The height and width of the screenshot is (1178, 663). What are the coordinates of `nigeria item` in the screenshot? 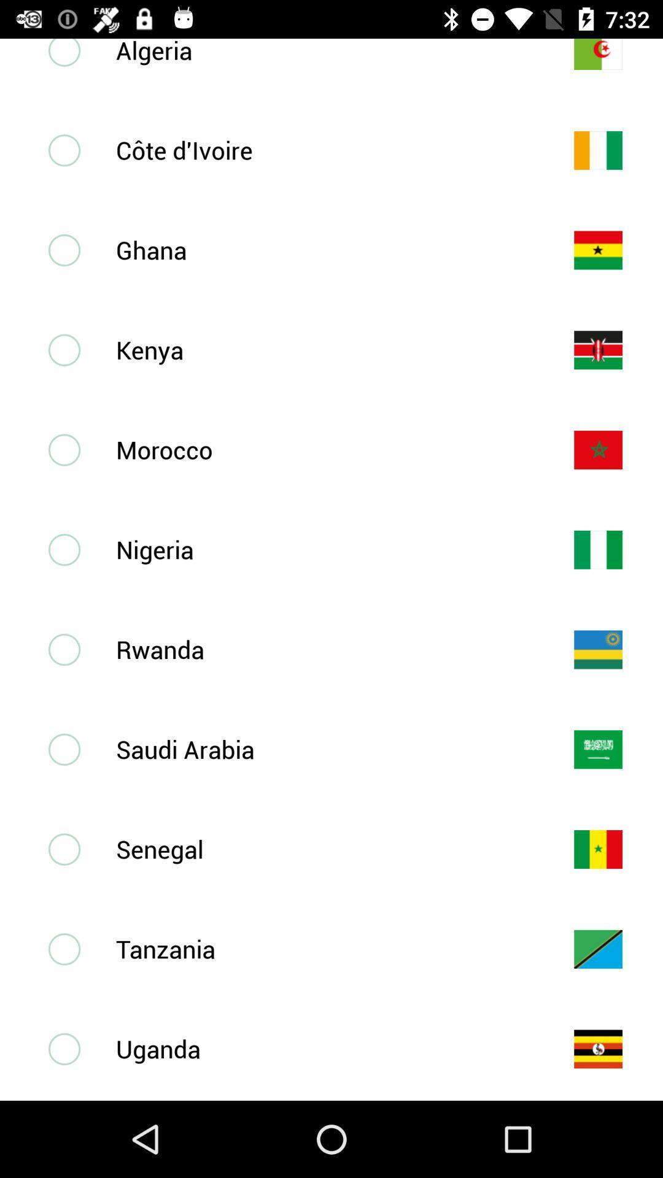 It's located at (324, 549).